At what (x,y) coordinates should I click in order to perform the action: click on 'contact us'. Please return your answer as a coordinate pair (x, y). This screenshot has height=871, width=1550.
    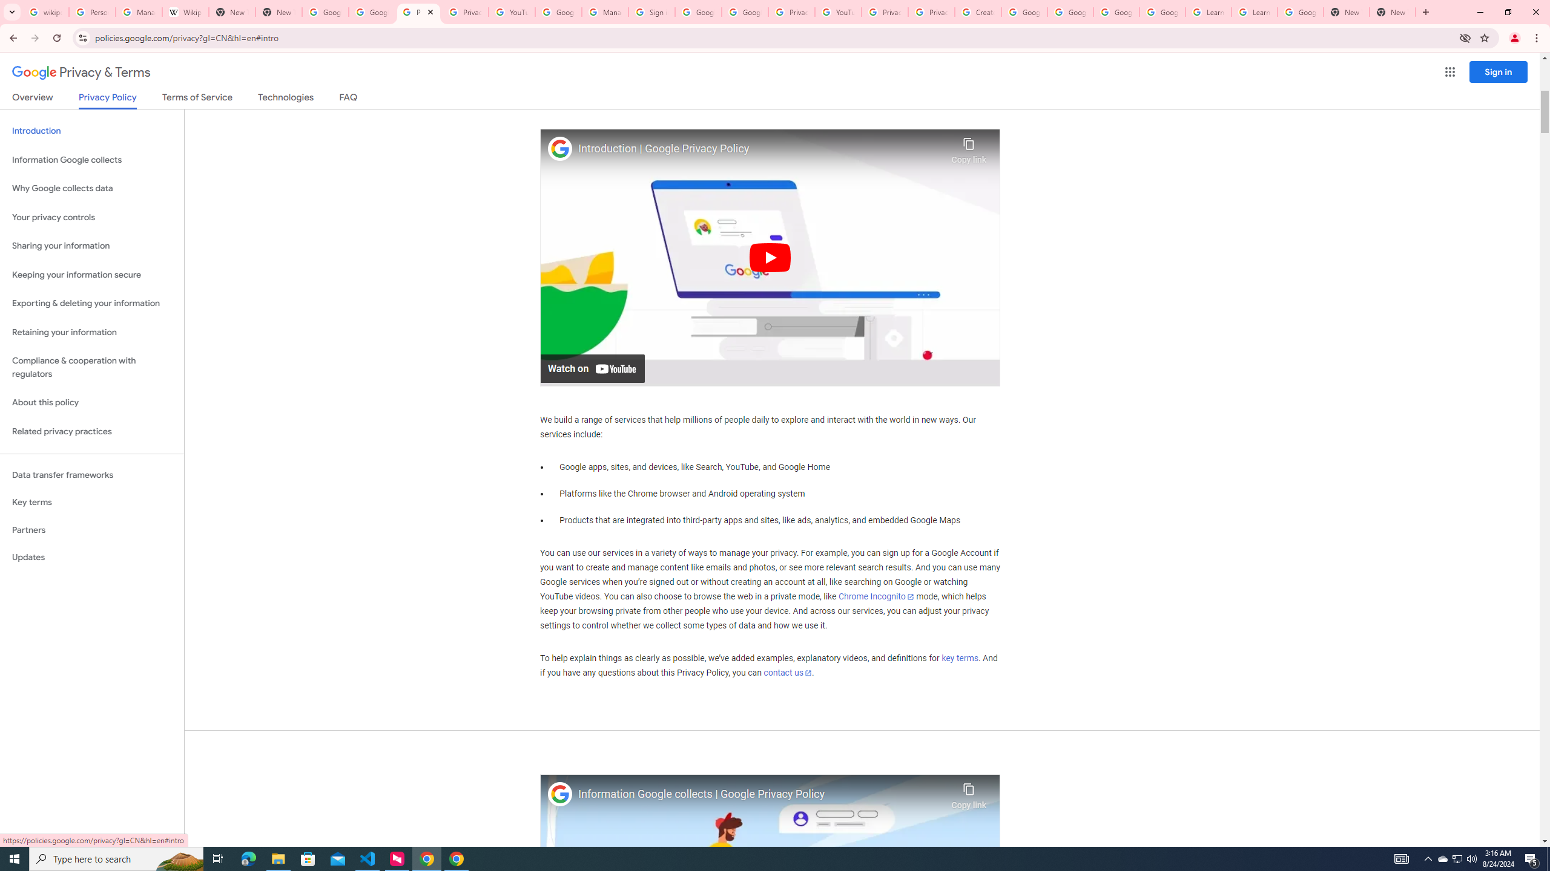
    Looking at the image, I should click on (787, 673).